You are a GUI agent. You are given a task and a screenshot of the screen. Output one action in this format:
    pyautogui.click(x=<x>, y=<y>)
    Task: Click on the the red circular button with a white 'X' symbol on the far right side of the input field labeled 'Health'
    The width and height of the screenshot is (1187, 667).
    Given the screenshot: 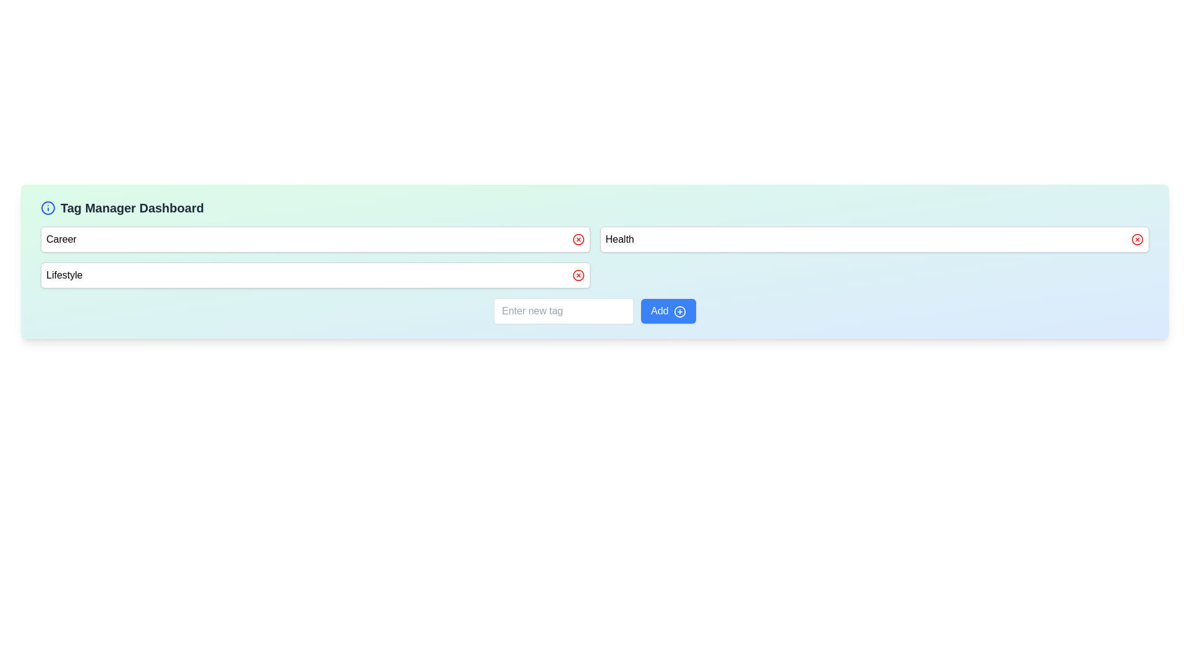 What is the action you would take?
    pyautogui.click(x=1137, y=240)
    